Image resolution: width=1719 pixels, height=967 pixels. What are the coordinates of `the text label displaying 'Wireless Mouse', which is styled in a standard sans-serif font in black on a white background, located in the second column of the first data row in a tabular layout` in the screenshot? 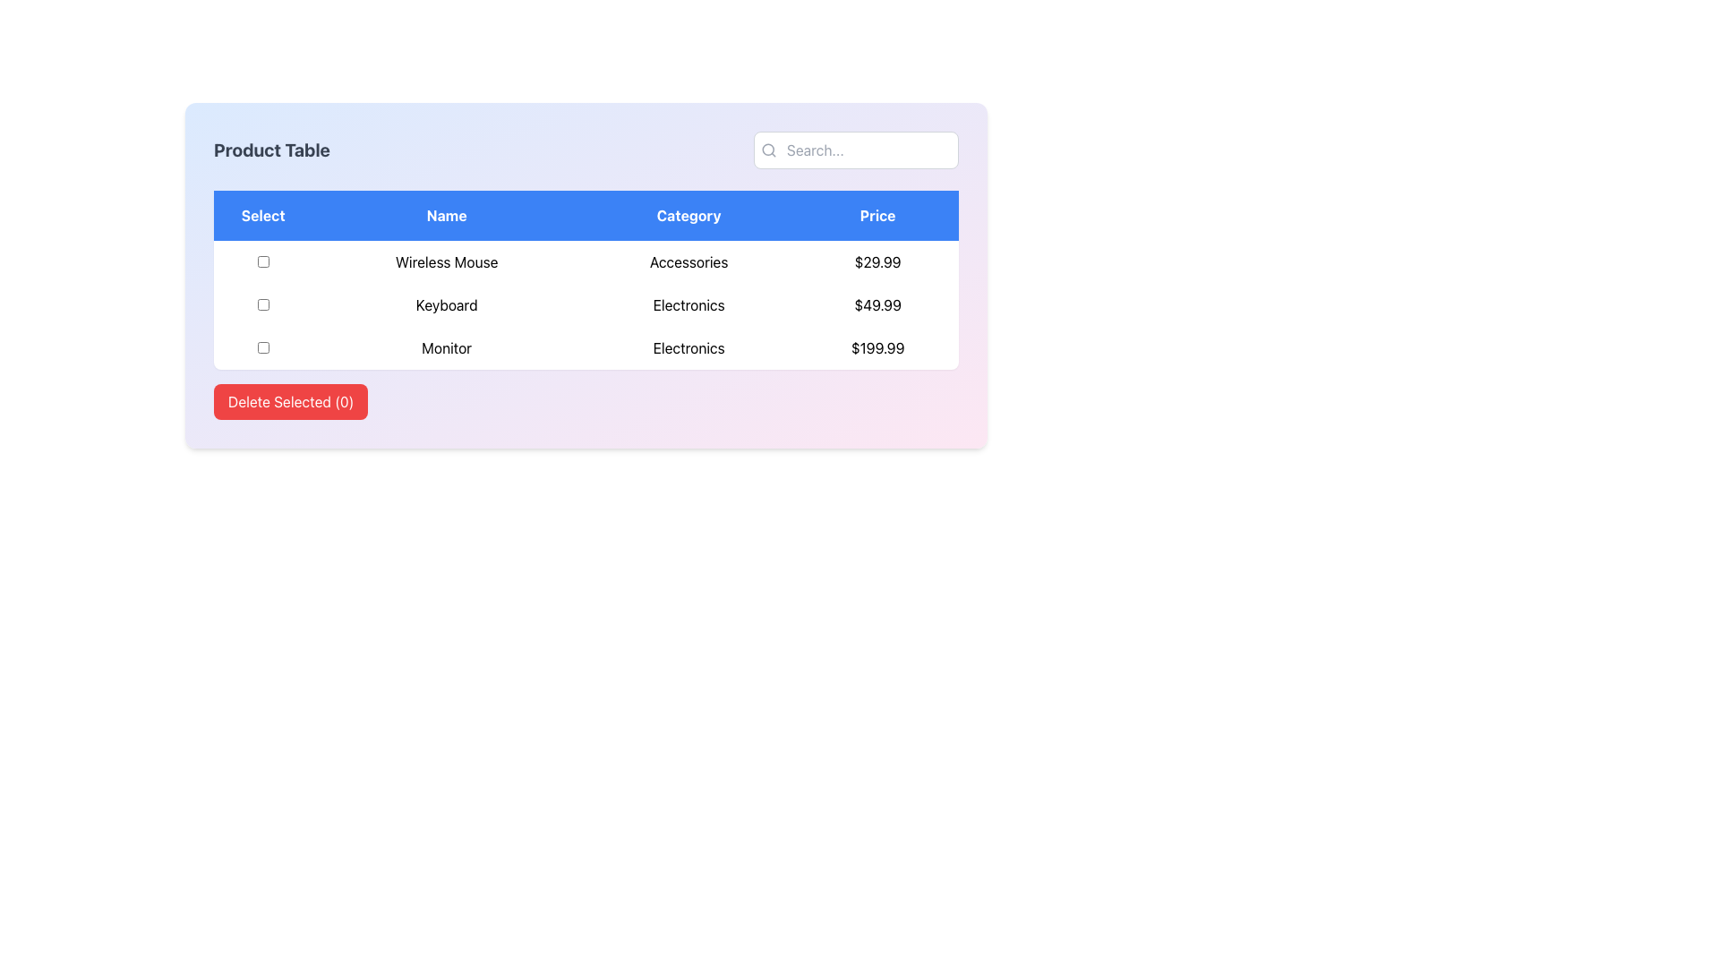 It's located at (447, 262).